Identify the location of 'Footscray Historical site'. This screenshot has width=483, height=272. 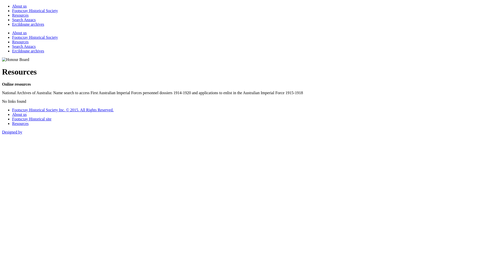
(31, 119).